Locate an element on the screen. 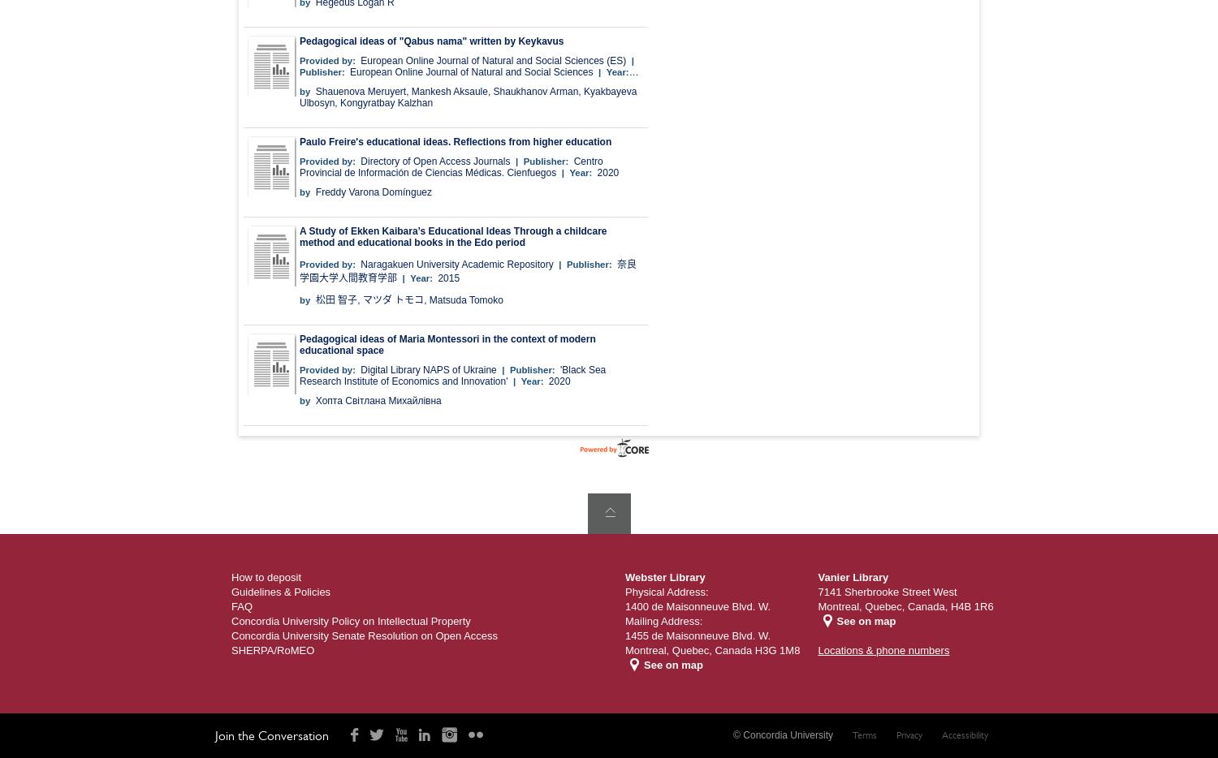  'Pedagogical ideas of Maria Montessori in the context of modern educational space' is located at coordinates (447, 344).